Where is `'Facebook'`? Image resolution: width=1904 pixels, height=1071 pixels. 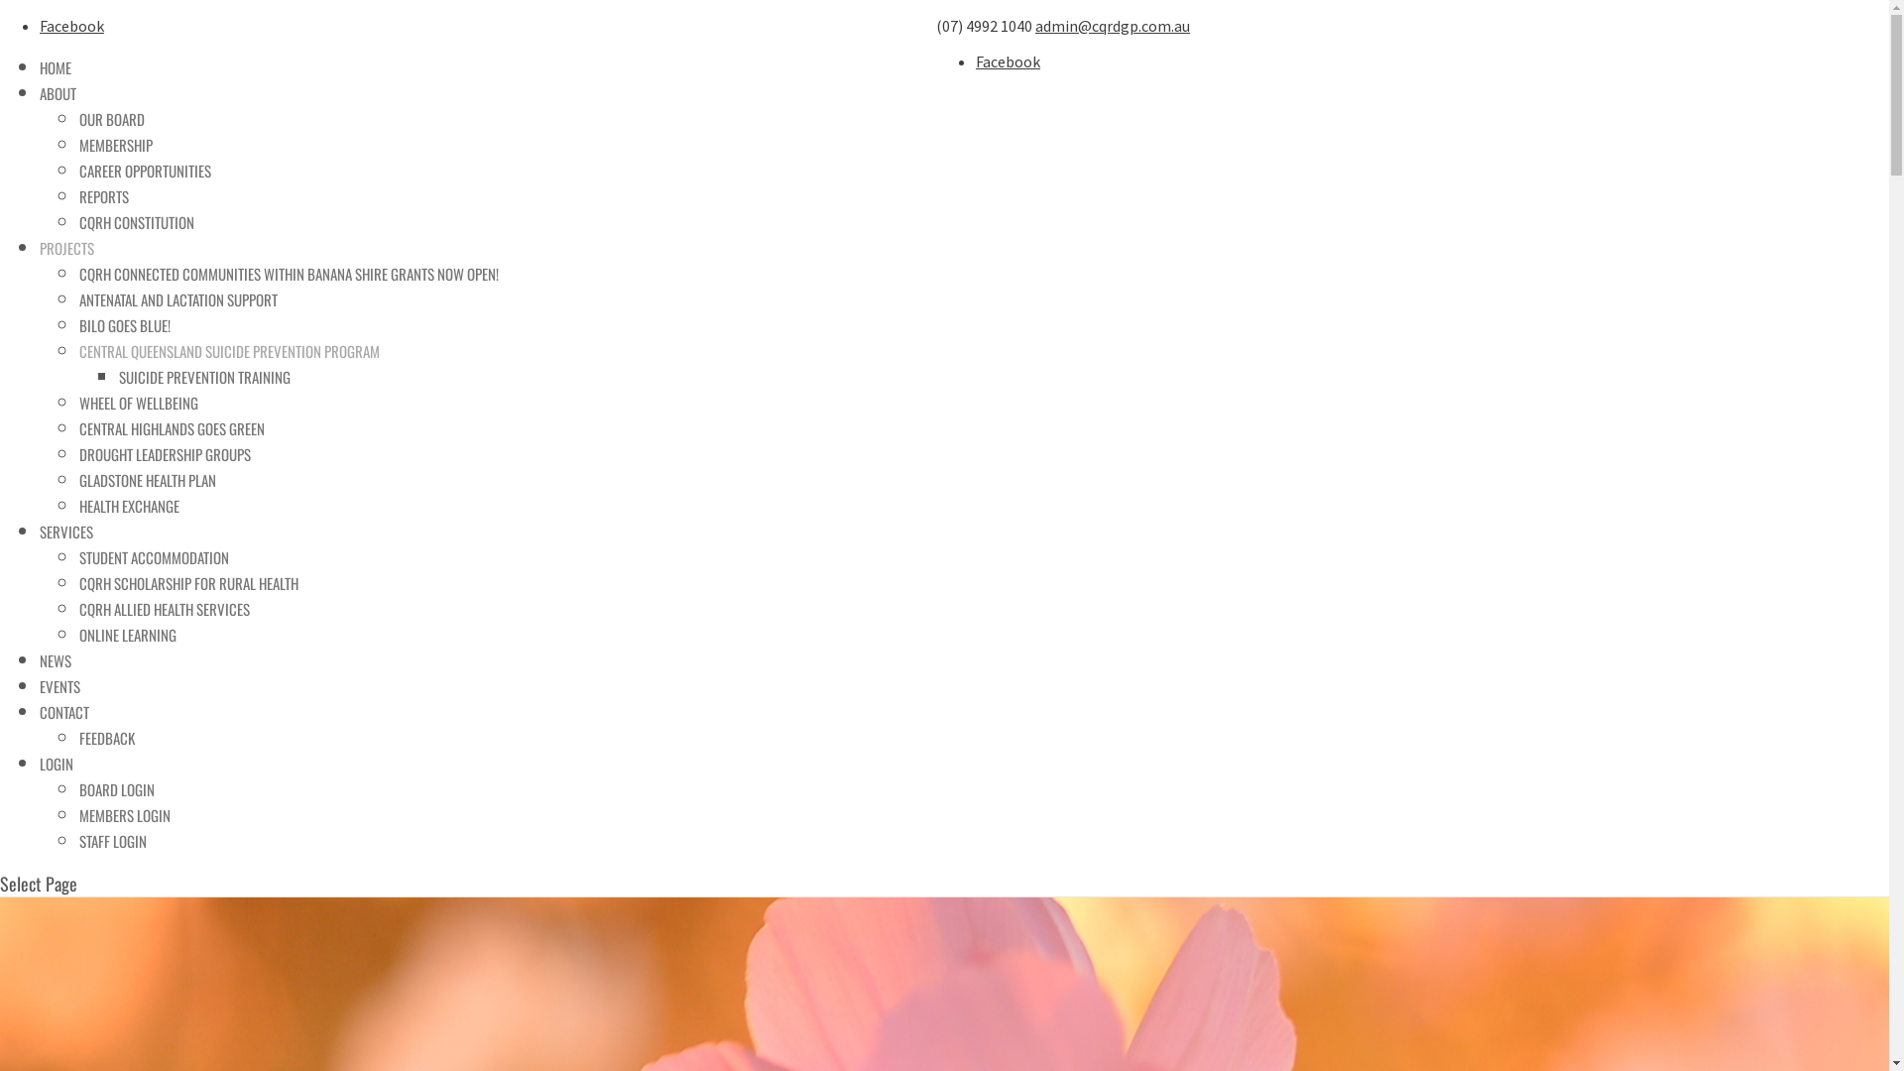 'Facebook' is located at coordinates (71, 26).